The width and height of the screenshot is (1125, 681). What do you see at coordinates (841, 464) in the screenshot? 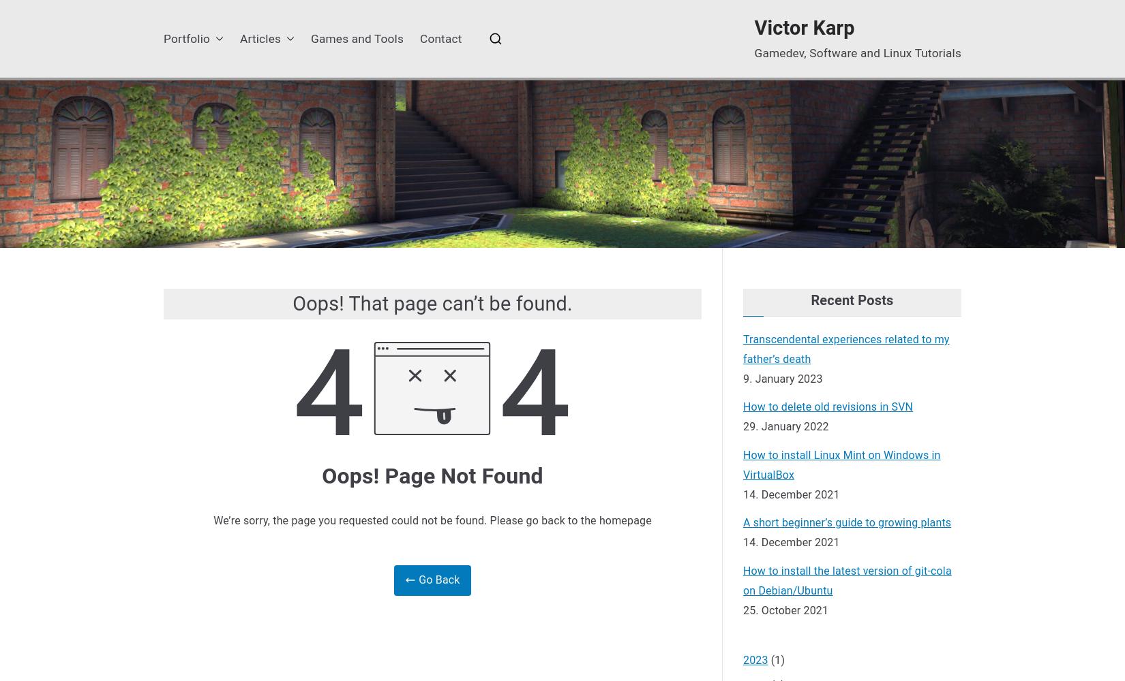
I see `'How to install Linux Mint on Windows in VirtualBox'` at bounding box center [841, 464].